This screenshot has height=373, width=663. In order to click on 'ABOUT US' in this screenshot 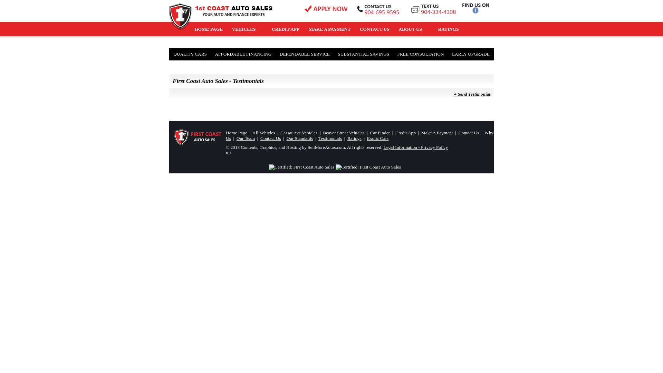, I will do `click(414, 29)`.